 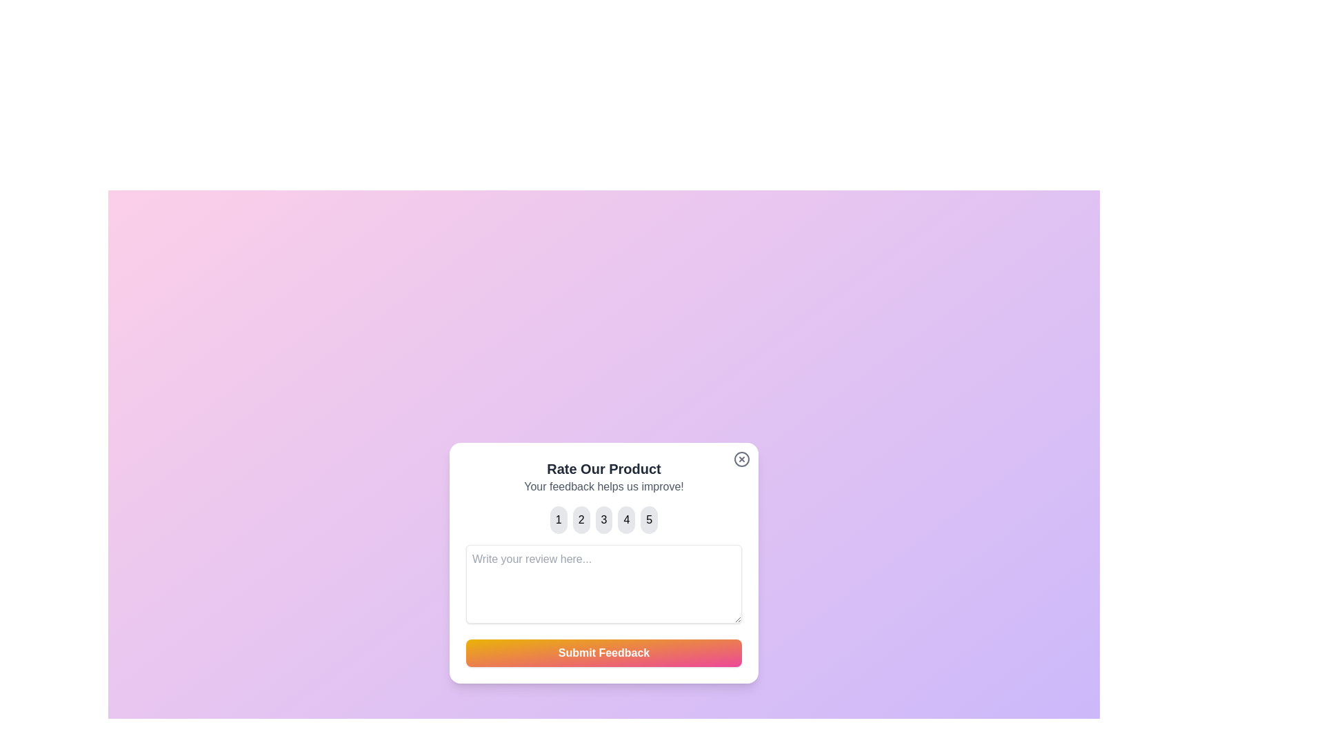 What do you see at coordinates (603, 652) in the screenshot?
I see `the 'Submit Feedback' button to submit the feedback` at bounding box center [603, 652].